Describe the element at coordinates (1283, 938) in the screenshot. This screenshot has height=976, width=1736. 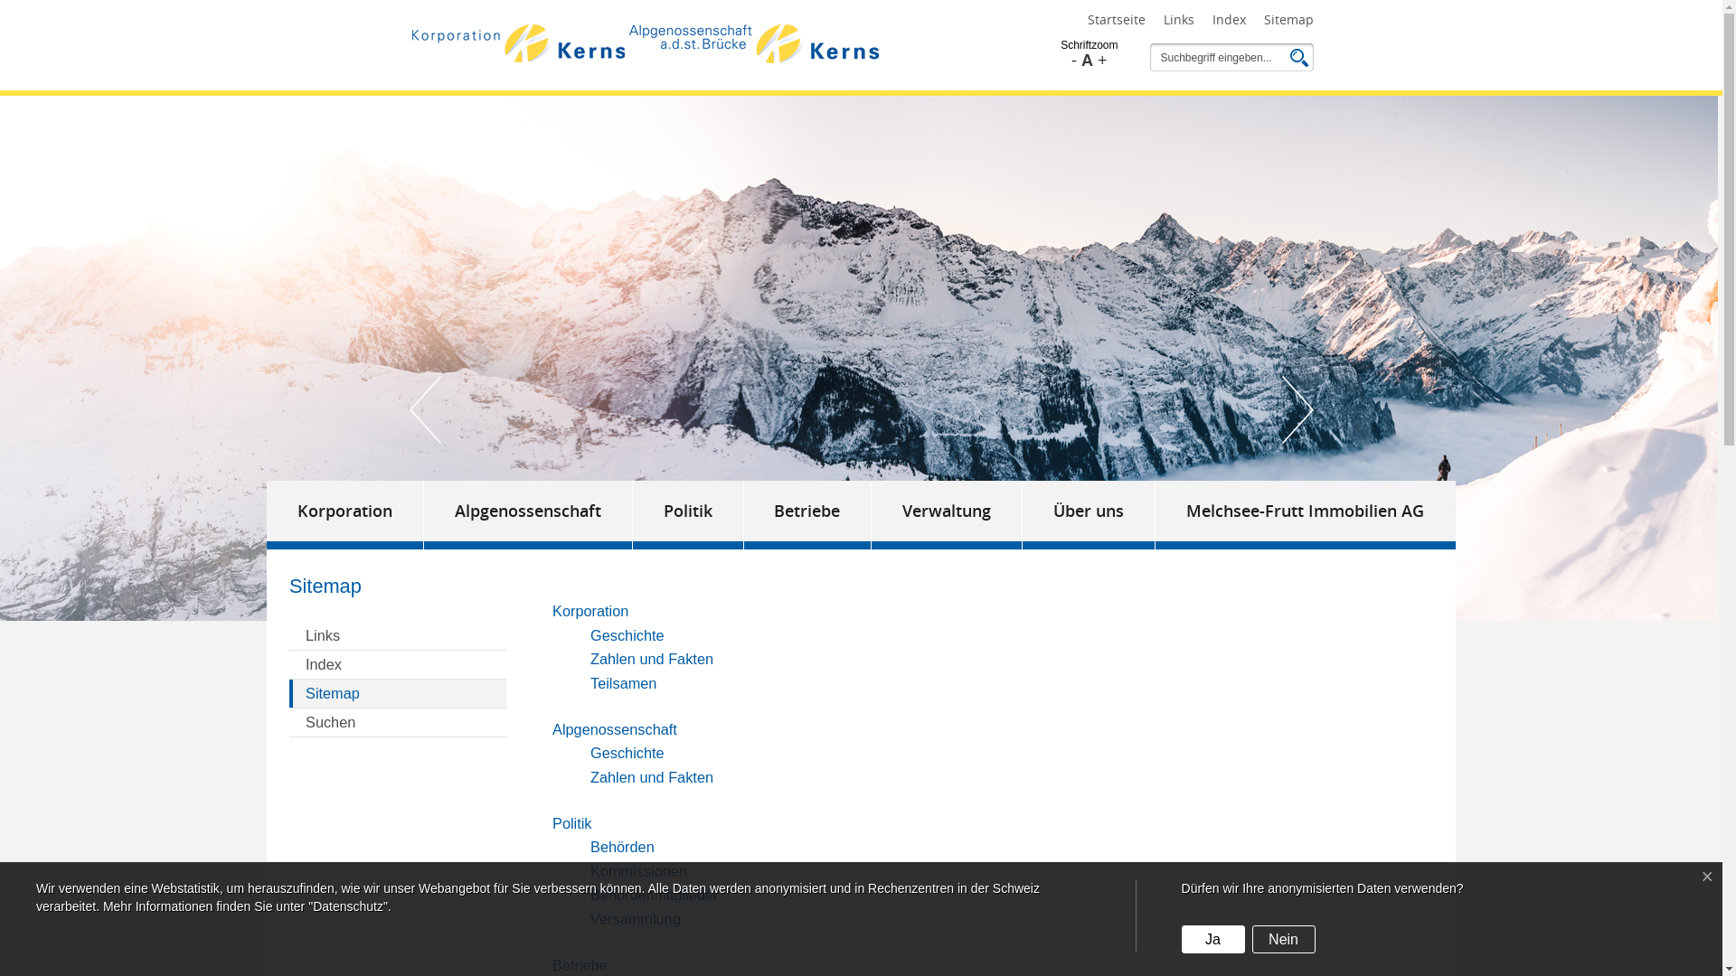
I see `'Nein'` at that location.